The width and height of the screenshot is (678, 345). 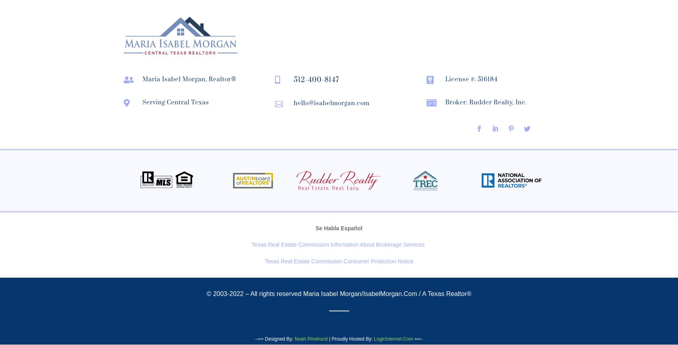 What do you see at coordinates (393, 338) in the screenshot?
I see `'LogicInternet.Com'` at bounding box center [393, 338].